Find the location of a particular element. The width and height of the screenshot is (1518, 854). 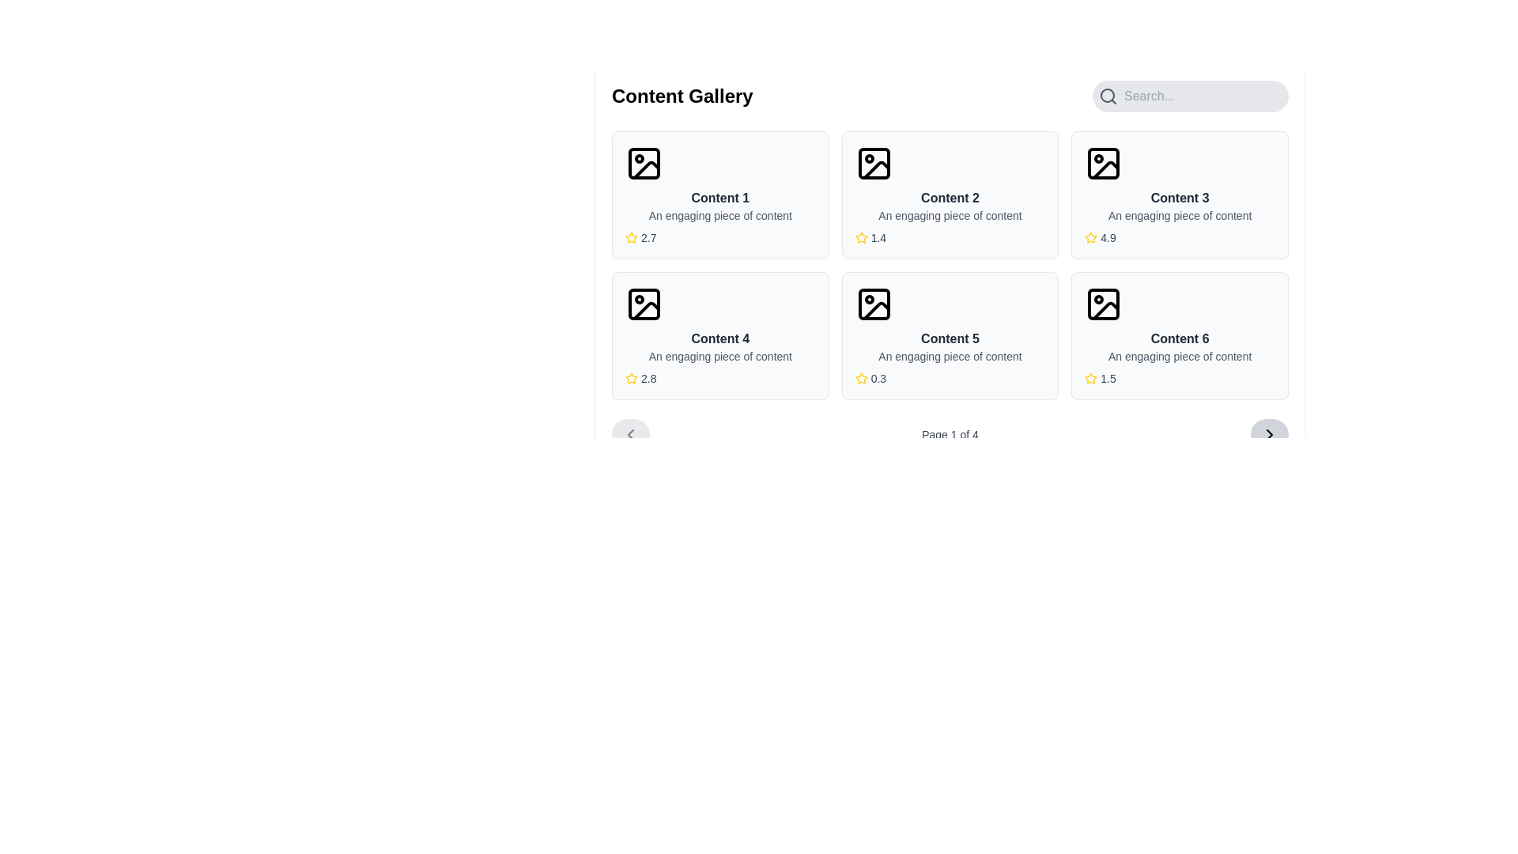

the star icon located below the thumbnail and title of 'Content 5', positioned to the left of the rating text '0.3' is located at coordinates (860, 378).